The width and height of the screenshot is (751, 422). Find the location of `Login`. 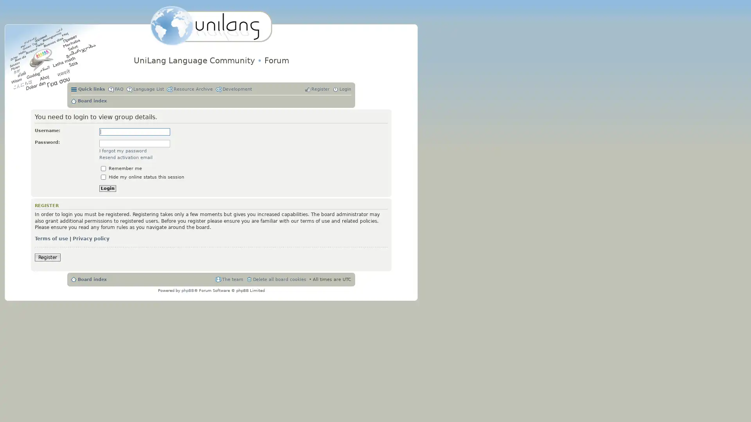

Login is located at coordinates (107, 188).